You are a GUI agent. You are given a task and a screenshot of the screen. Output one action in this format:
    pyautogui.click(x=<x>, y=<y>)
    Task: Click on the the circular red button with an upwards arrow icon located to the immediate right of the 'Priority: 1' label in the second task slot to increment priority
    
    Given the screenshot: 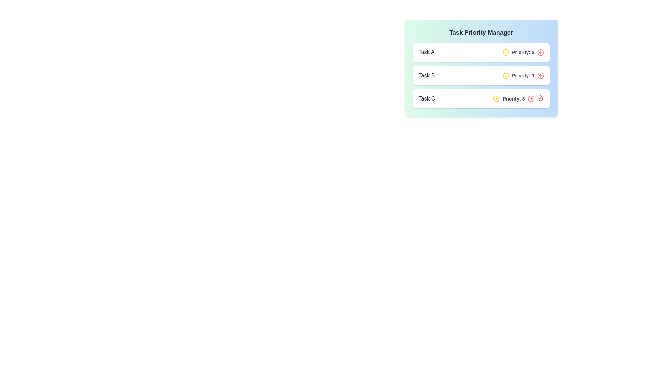 What is the action you would take?
    pyautogui.click(x=540, y=76)
    